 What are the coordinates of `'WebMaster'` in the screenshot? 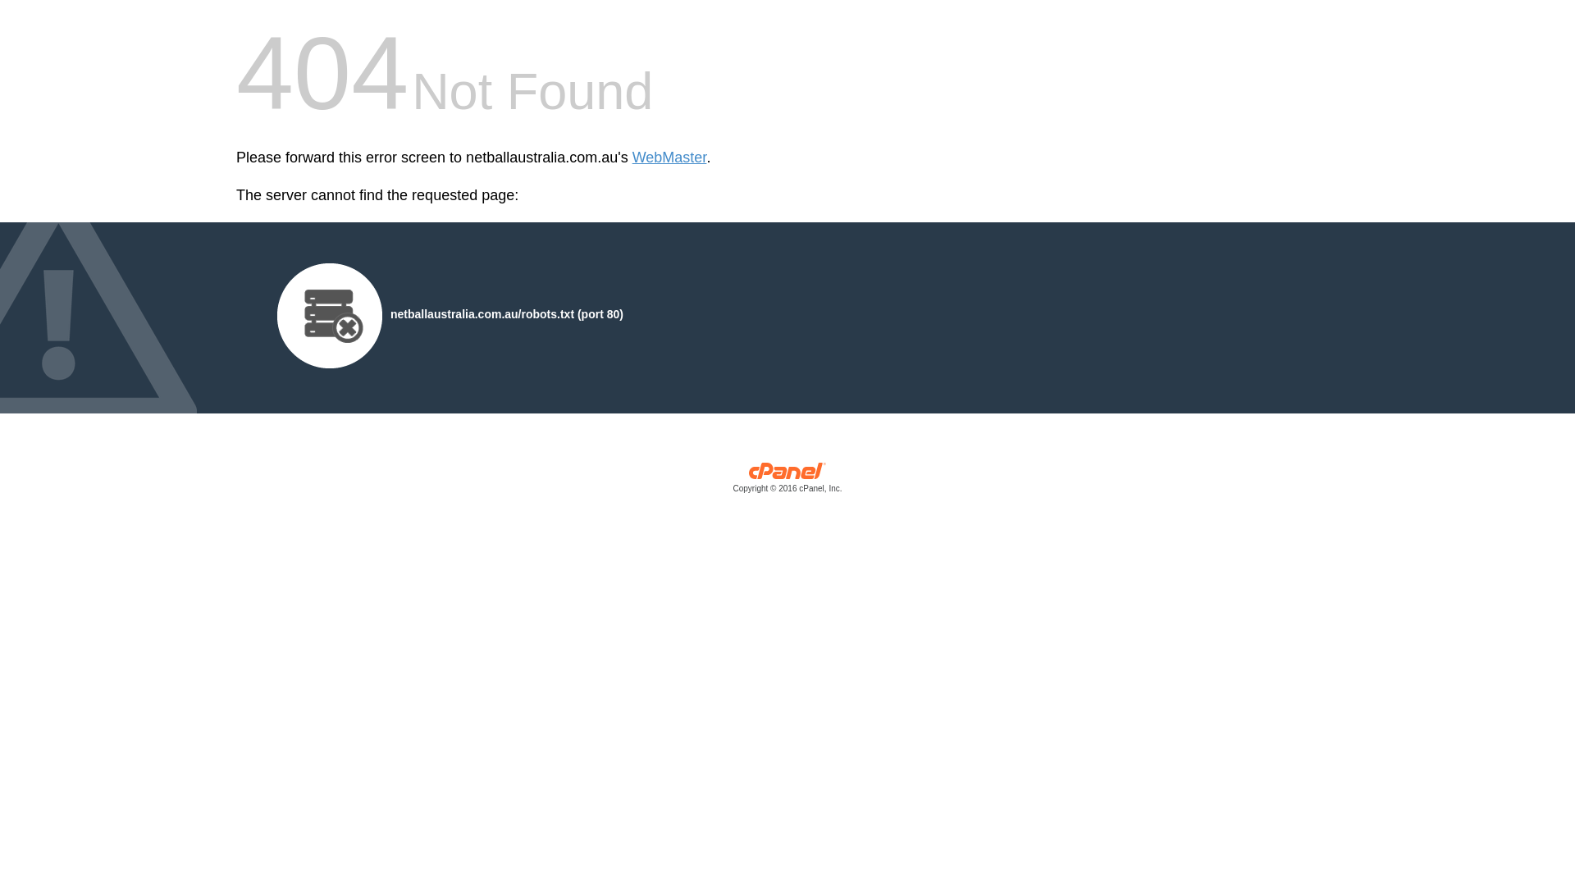 It's located at (632, 158).